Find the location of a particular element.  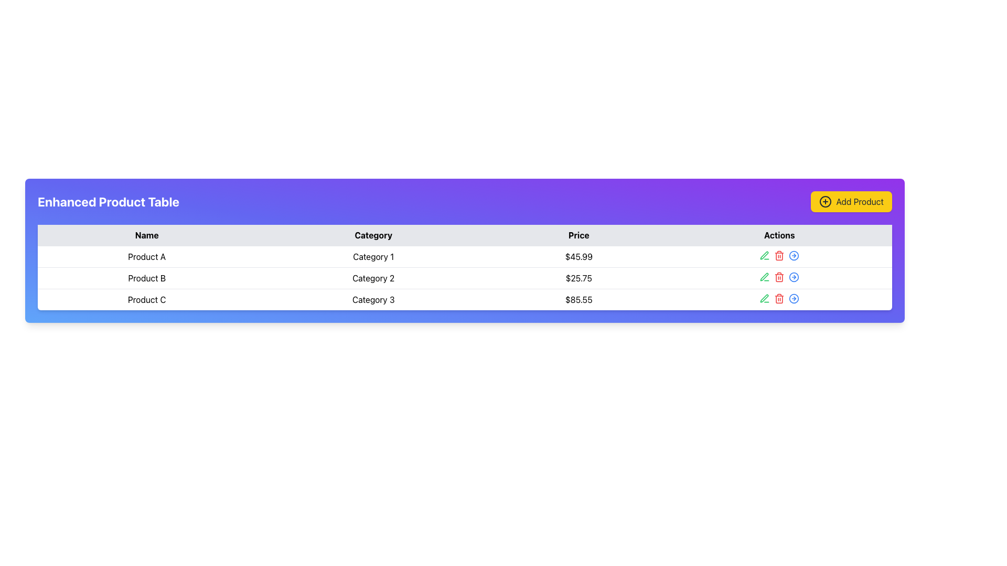

the SVG Circle element inside the button styled with a circular arrow in the 'Actions' column of the third row of the table is located at coordinates (794, 256).